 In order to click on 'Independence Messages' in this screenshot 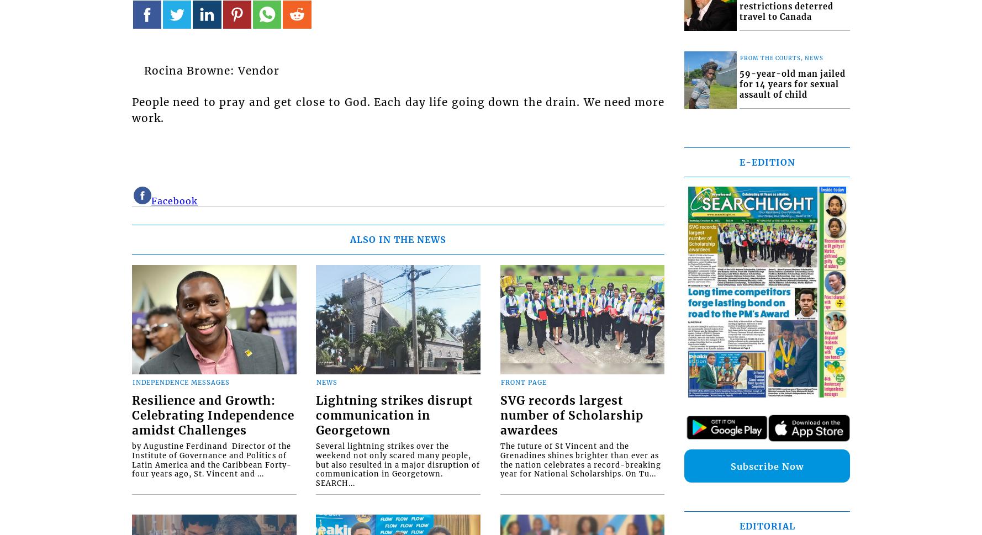, I will do `click(181, 382)`.